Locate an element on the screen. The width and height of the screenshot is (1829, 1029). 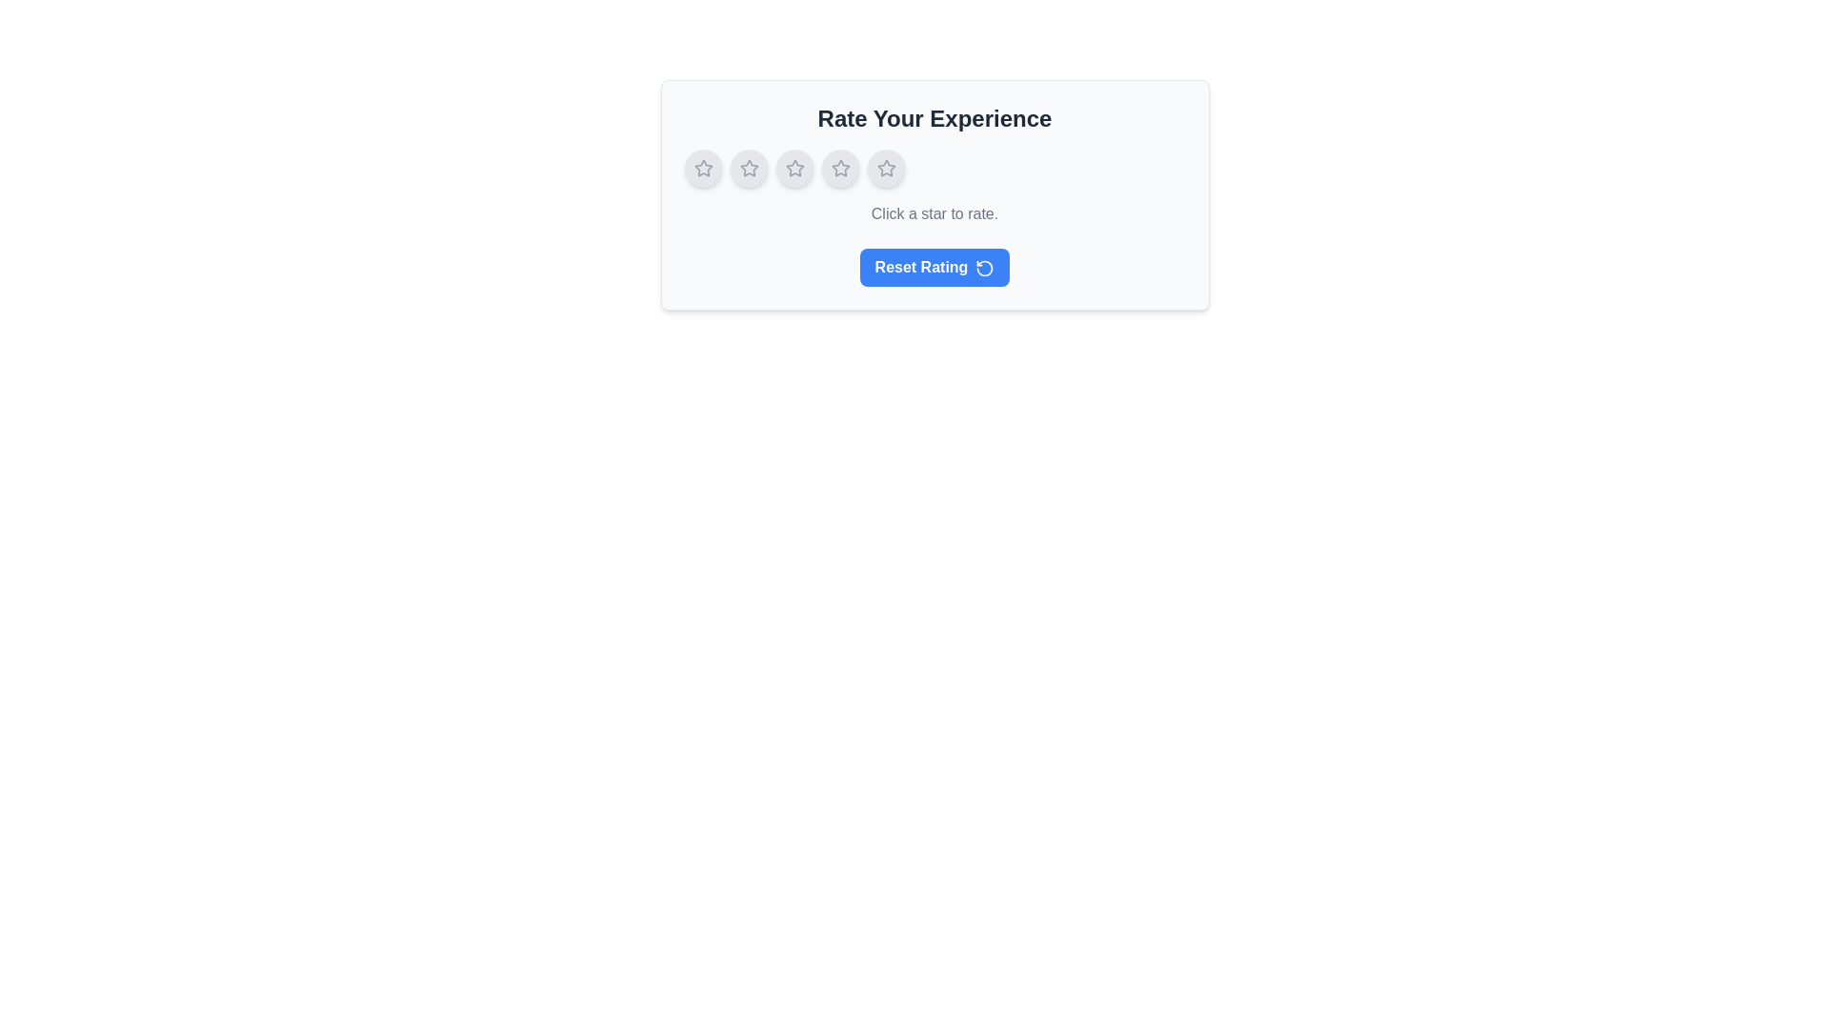
the Text Header element that displays 'Rate Your Experience', which is centrally aligned and styled in a large, bold, dark gray font, positioned above the star icons row is located at coordinates (935, 118).